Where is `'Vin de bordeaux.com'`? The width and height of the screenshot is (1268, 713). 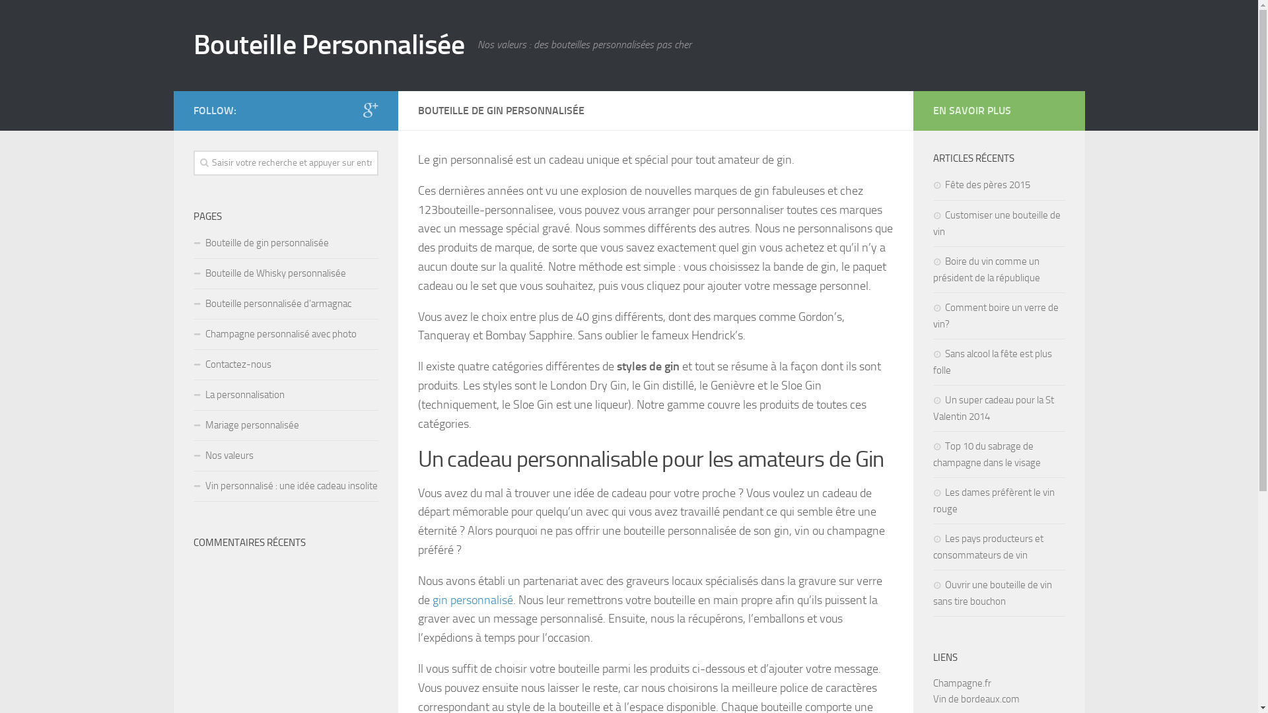 'Vin de bordeaux.com' is located at coordinates (931, 698).